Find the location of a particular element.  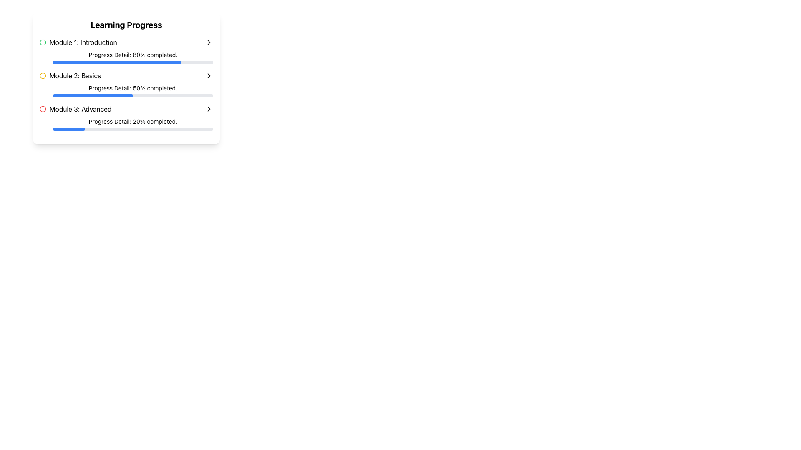

the text label titled 'Module 3: Advanced', which is the third element in the list of learning modules, located in the lower portion of the list is located at coordinates (81, 109).